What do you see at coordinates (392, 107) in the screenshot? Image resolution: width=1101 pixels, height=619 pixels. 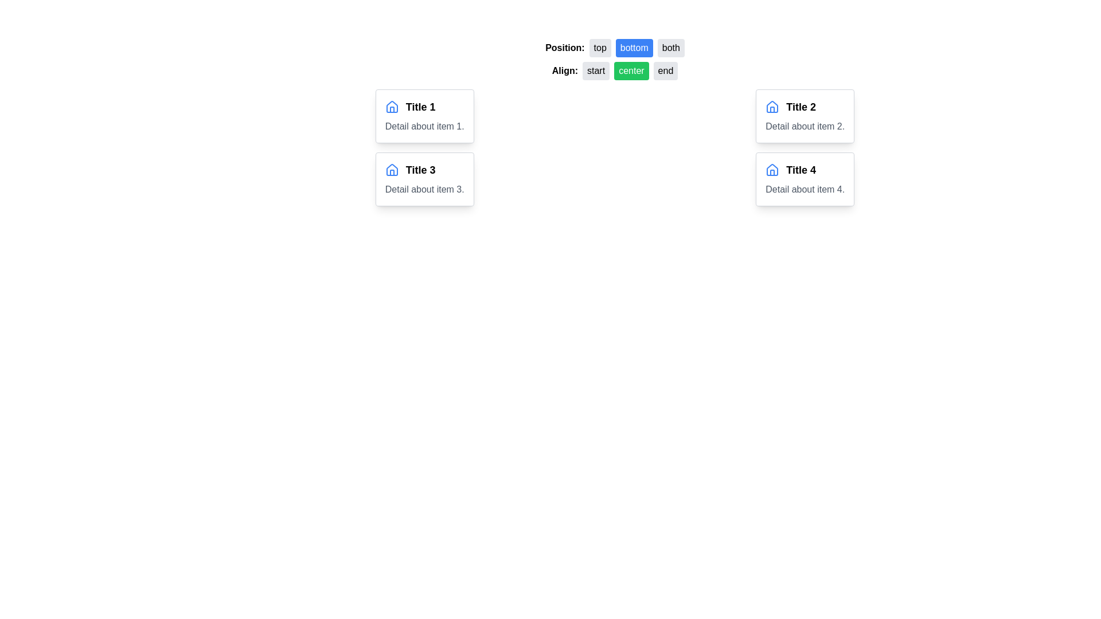 I see `the blue house SVG icon located in the header section of the card titled 'Title 1', positioned next to the text 'Title 1'` at bounding box center [392, 107].